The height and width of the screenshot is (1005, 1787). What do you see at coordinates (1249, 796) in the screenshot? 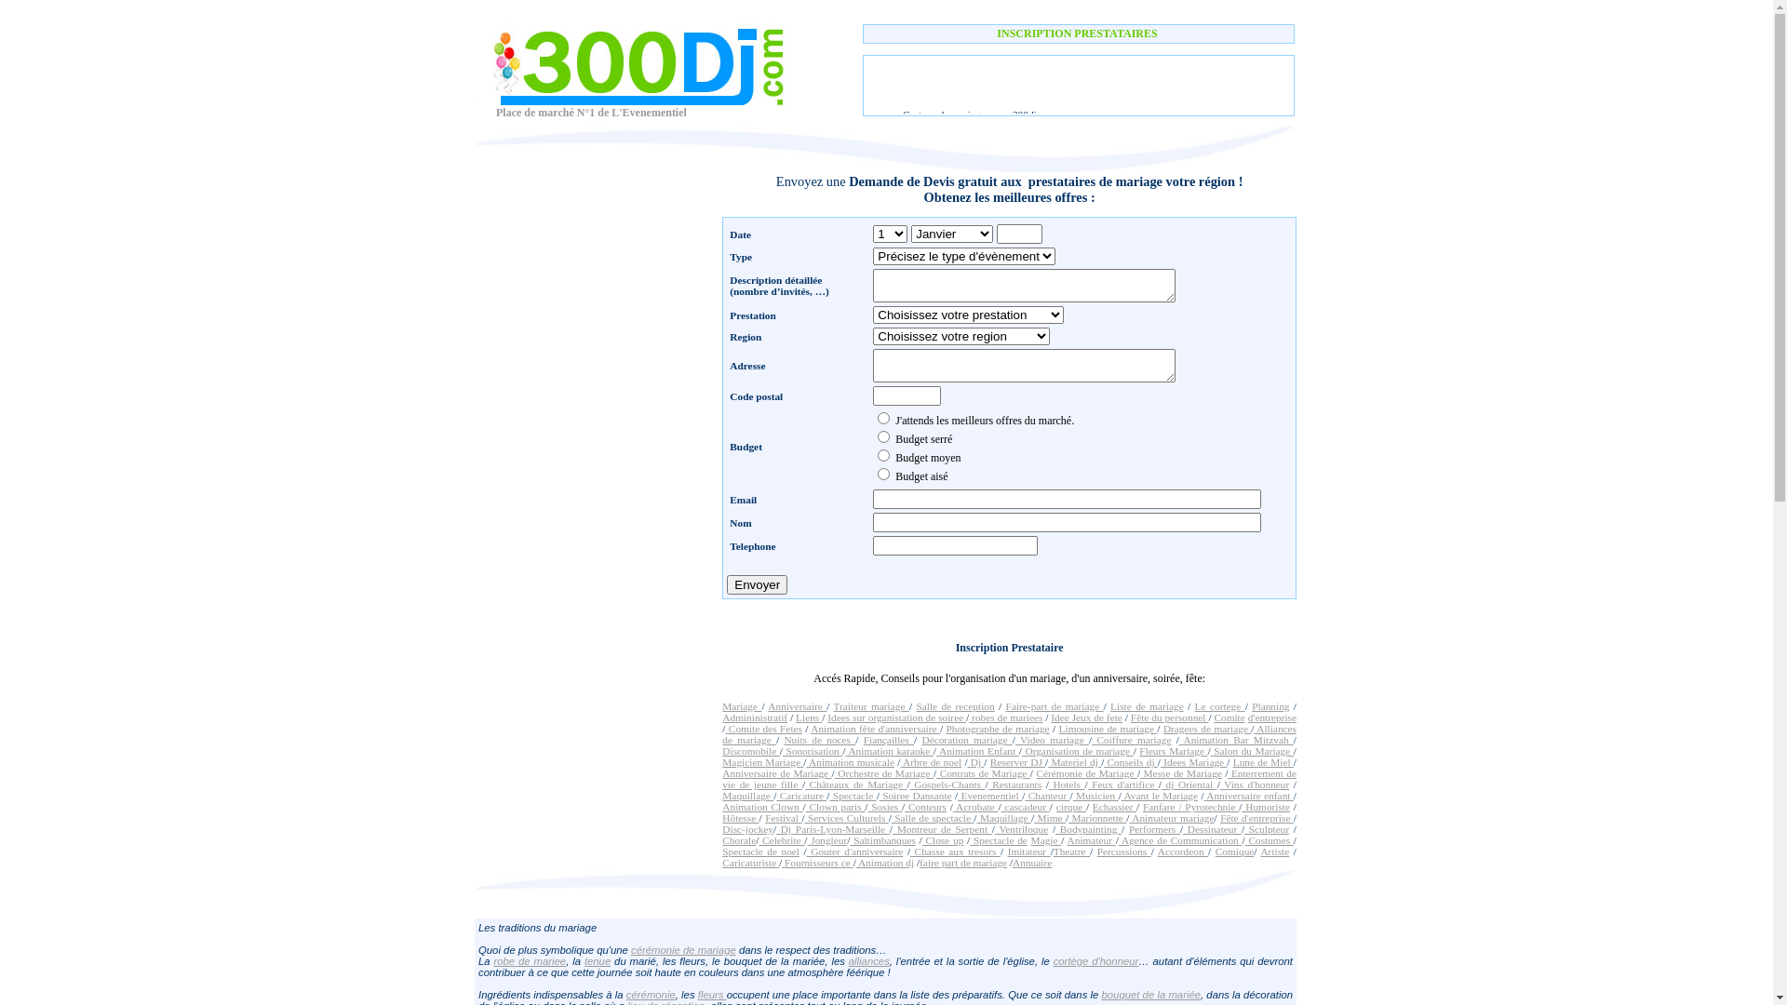
I see `'Anniversaire enfant'` at bounding box center [1249, 796].